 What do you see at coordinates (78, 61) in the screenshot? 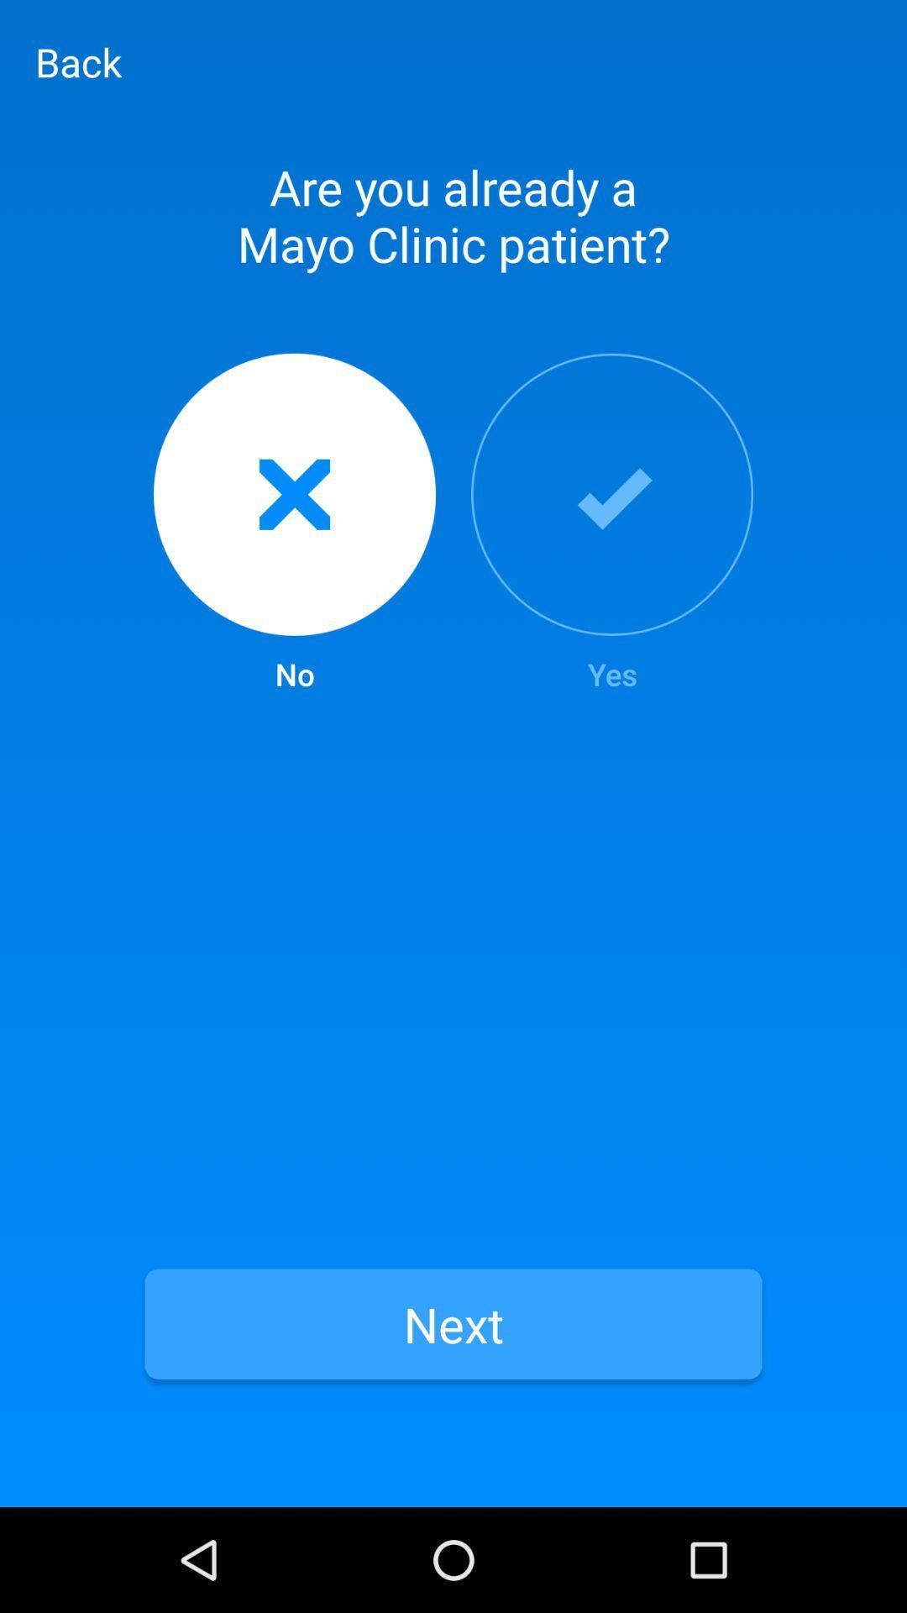
I see `the back` at bounding box center [78, 61].